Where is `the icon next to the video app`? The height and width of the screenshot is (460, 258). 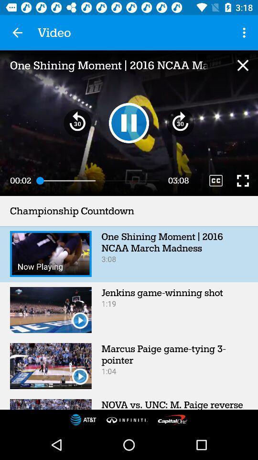
the icon next to the video app is located at coordinates (17, 33).